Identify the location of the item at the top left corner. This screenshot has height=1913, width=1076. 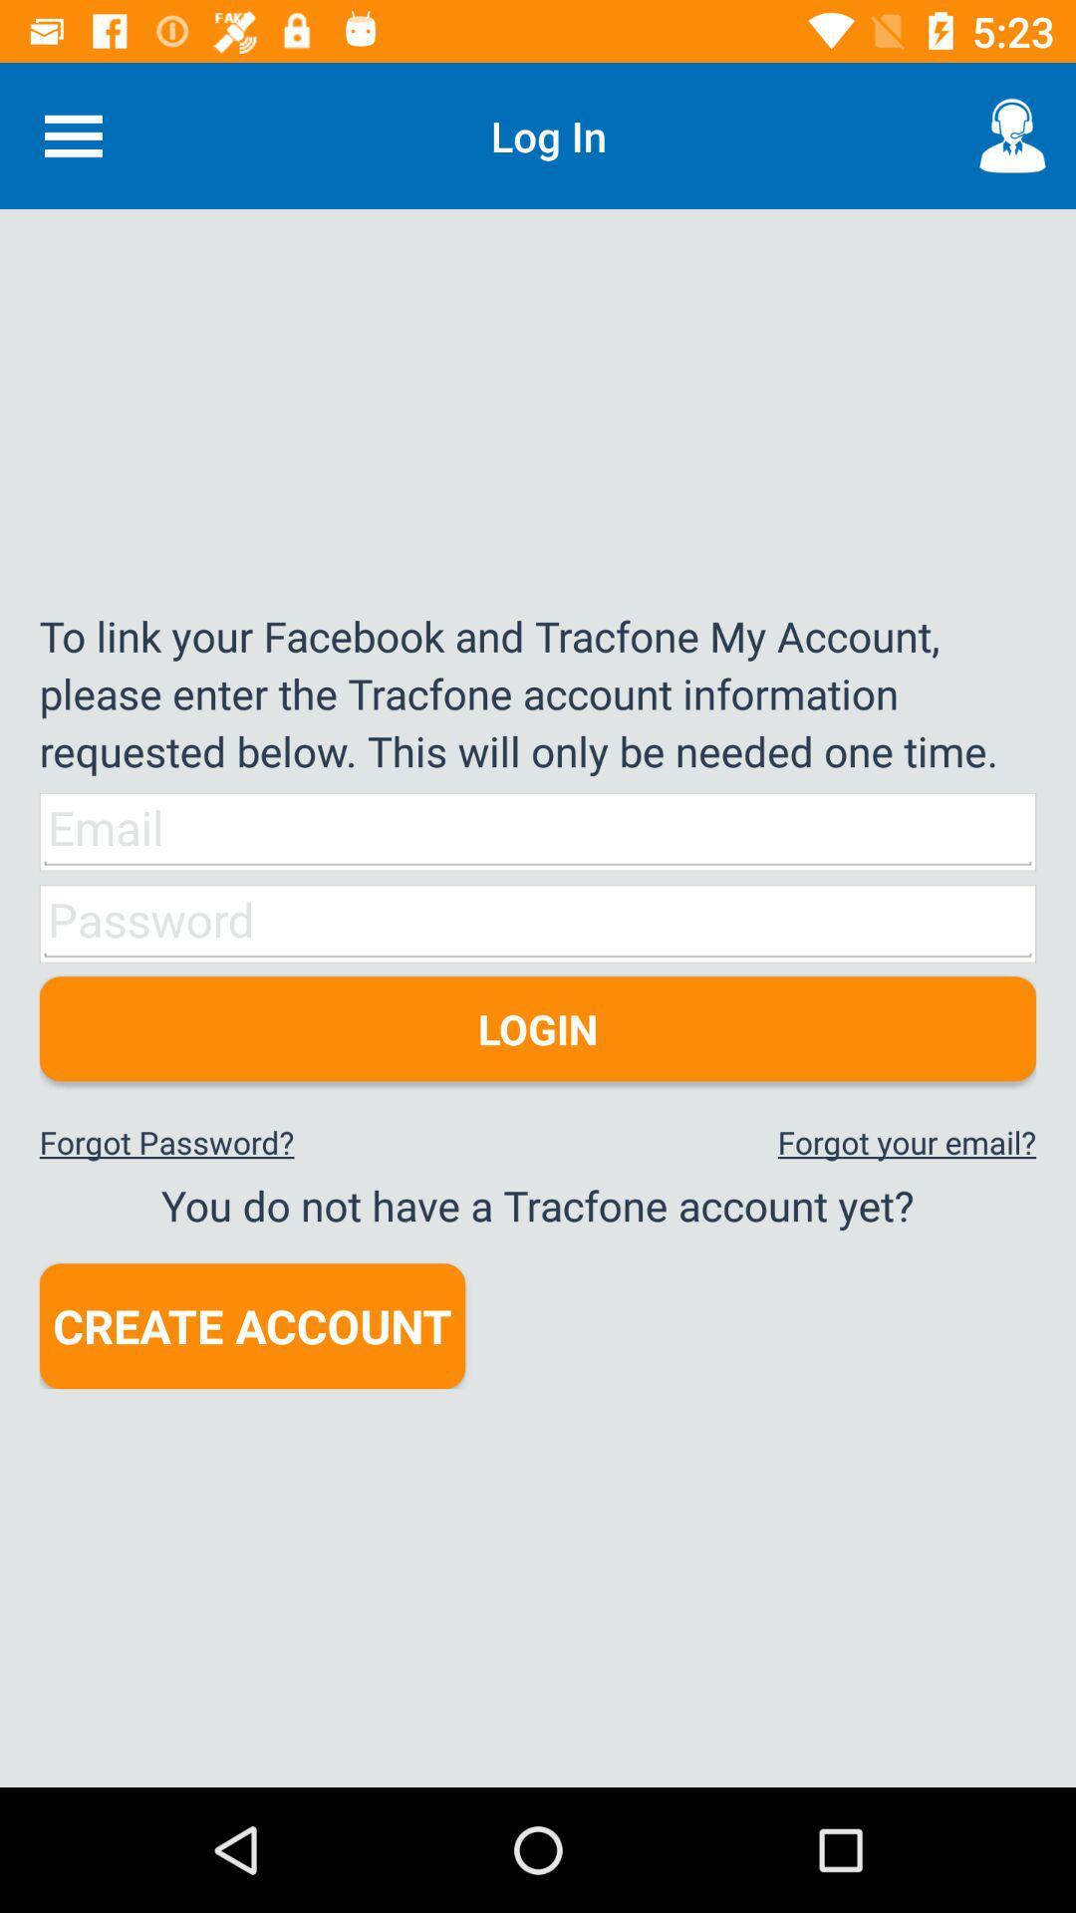
(72, 135).